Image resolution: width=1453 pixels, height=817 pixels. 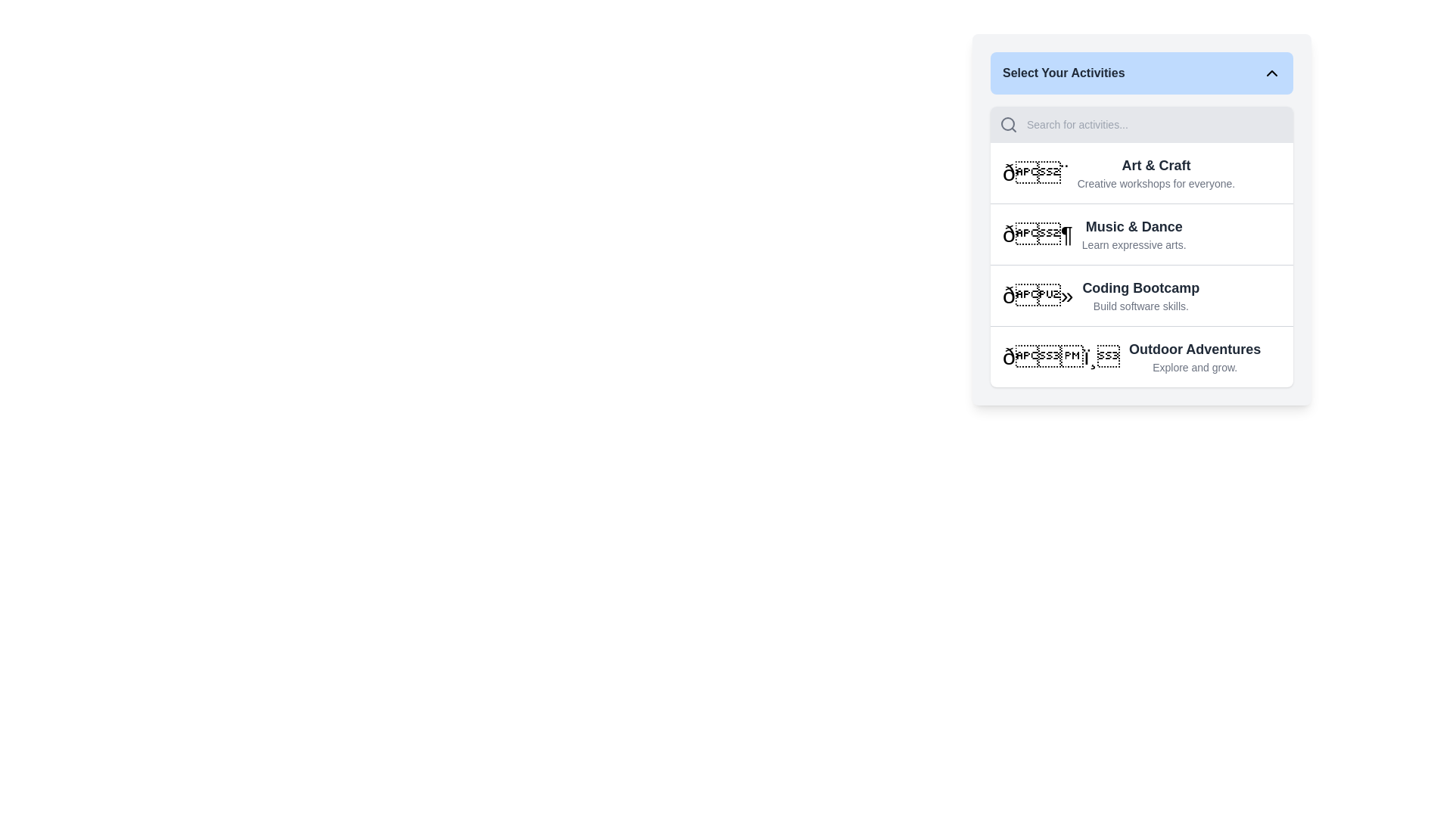 What do you see at coordinates (1194, 349) in the screenshot?
I see `text content of the 'Outdoor Adventures' label, which is a large, bold, dark gray text located at the bottom of the activity selection panel, representing the fourth option` at bounding box center [1194, 349].